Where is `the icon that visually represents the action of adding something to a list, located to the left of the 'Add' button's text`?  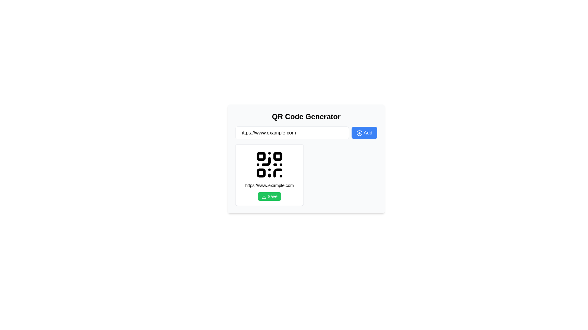
the icon that visually represents the action of adding something to a list, located to the left of the 'Add' button's text is located at coordinates (359, 133).